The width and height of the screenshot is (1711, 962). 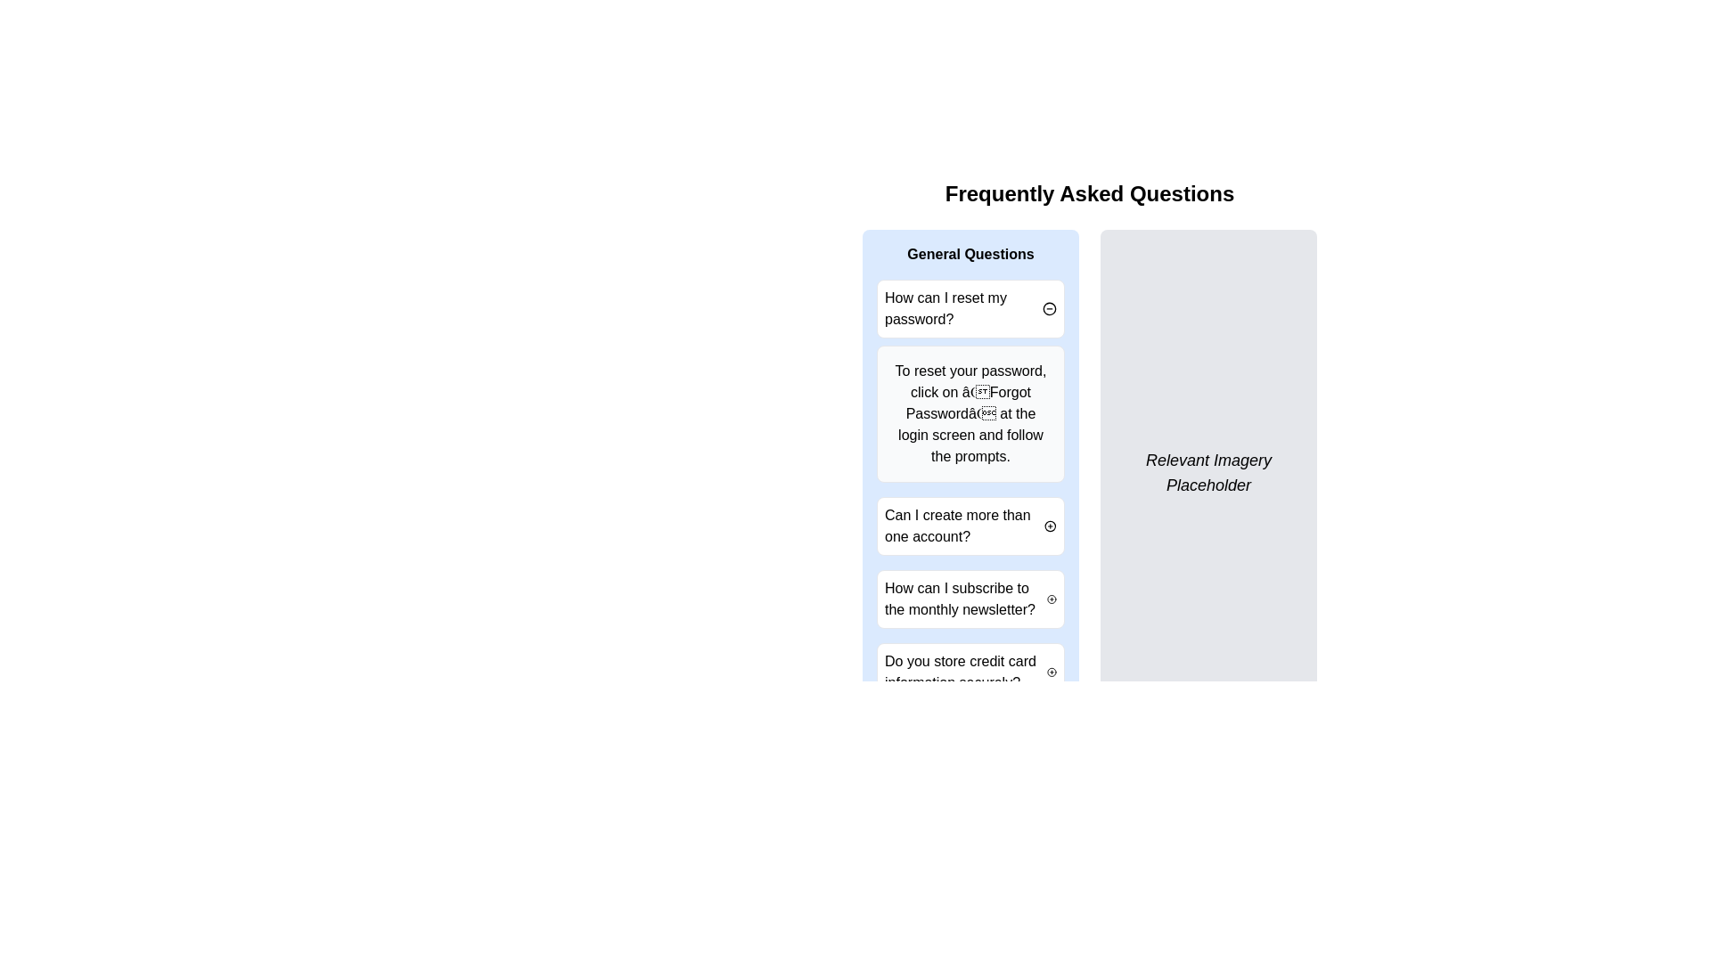 What do you see at coordinates (970, 599) in the screenshot?
I see `the FAQ question 'How can I subscribe to the monthly newsletter?'` at bounding box center [970, 599].